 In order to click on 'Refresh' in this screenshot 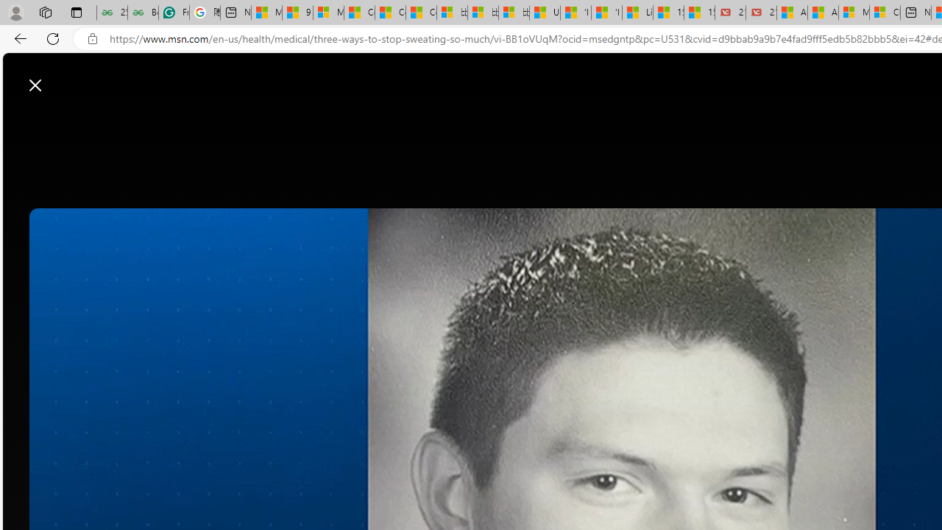, I will do `click(53, 38)`.